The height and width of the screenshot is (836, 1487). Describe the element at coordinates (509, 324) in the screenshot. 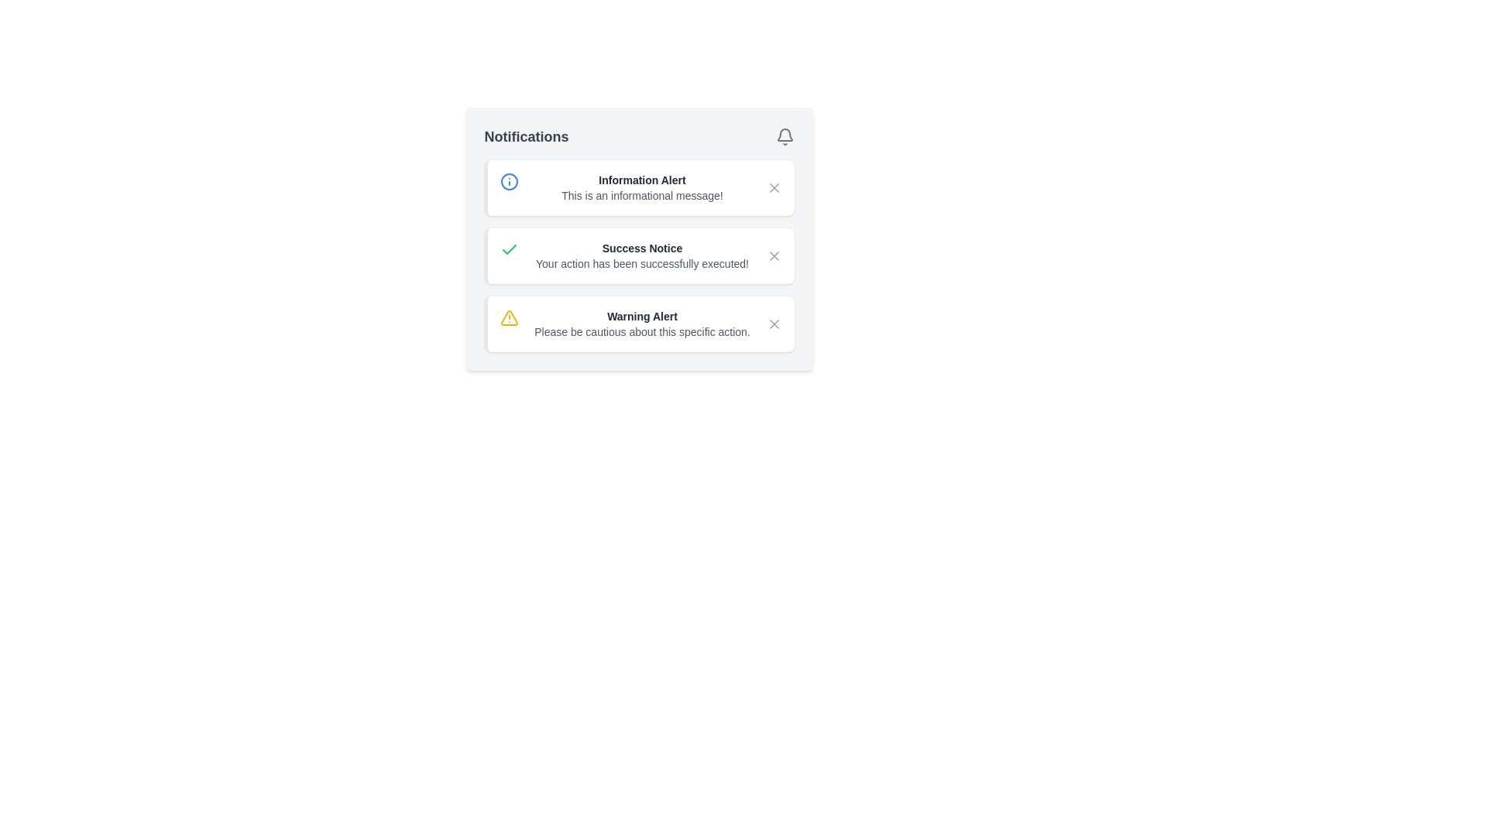

I see `the warning icon located on the left side of the 'Warning Alert' notification box, which signifies caution or the need for attention` at that location.